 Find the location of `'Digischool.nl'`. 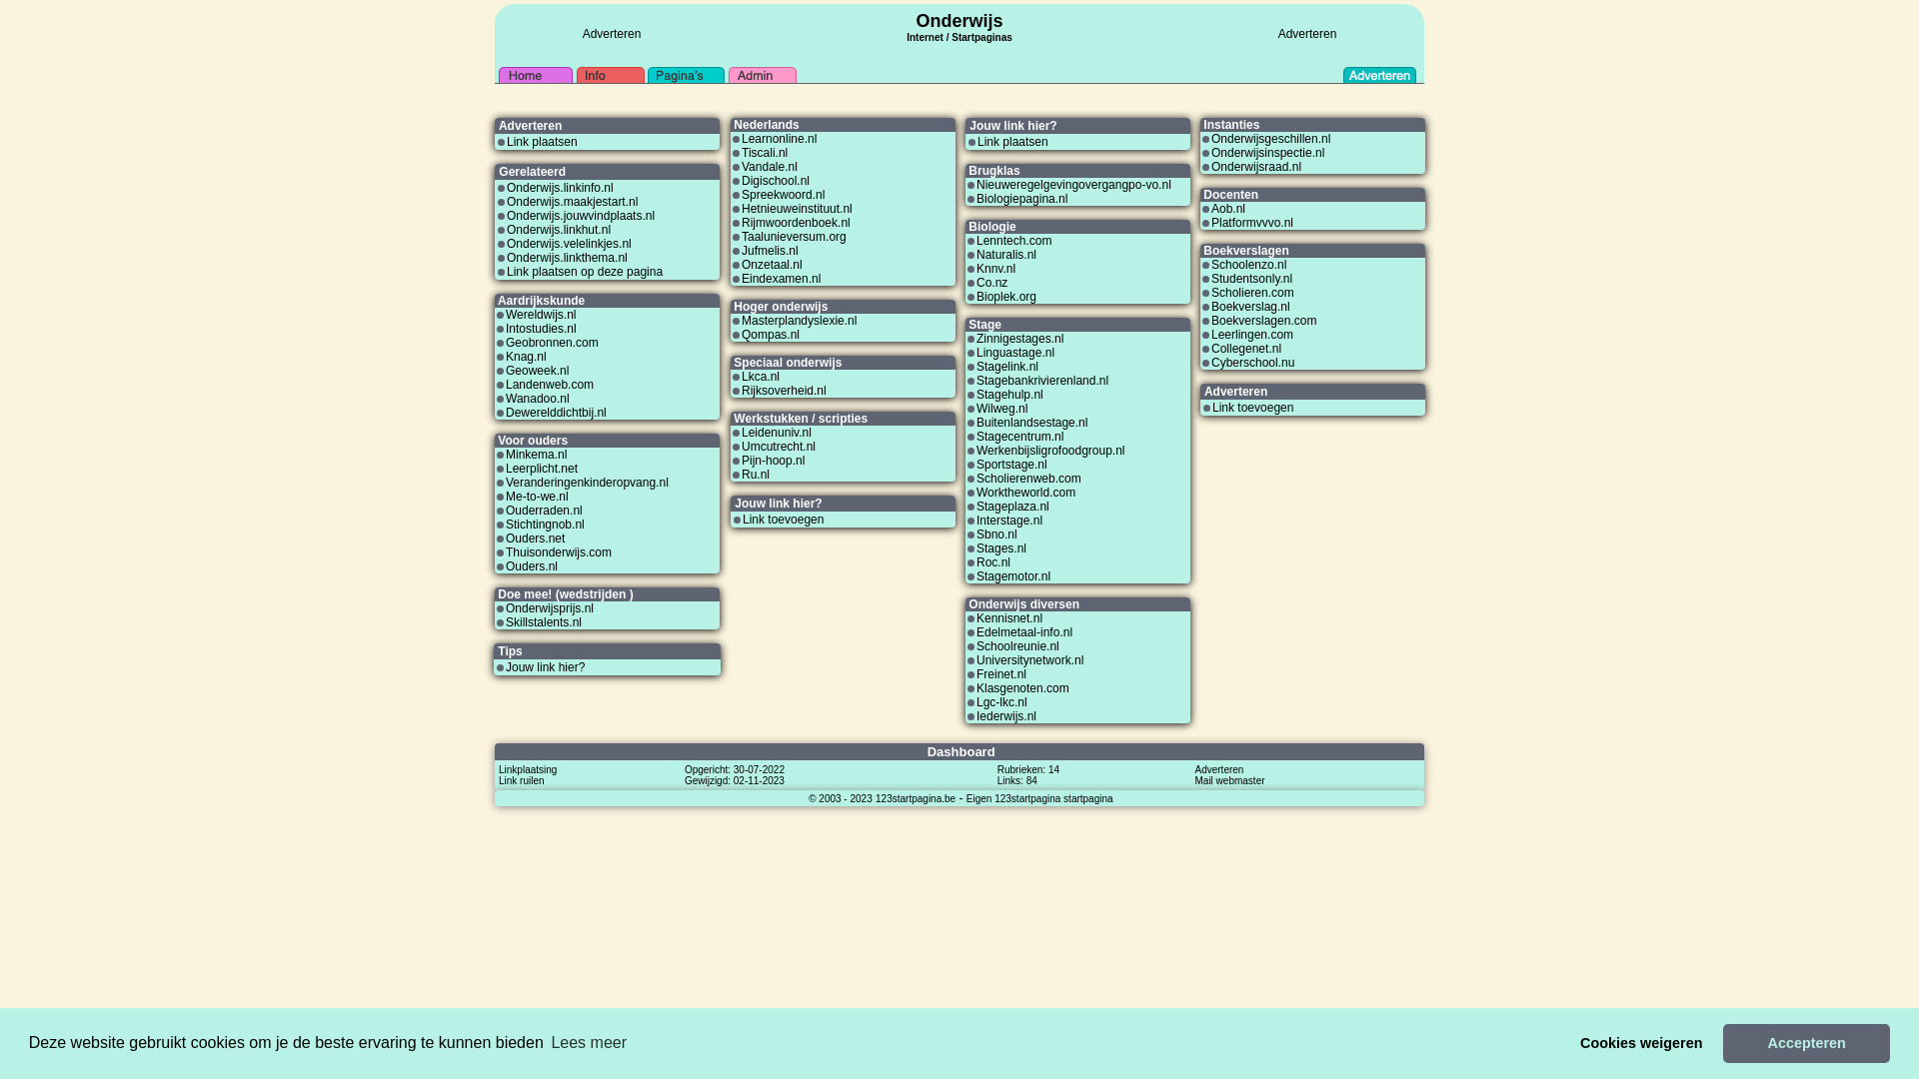

'Digischool.nl' is located at coordinates (775, 181).